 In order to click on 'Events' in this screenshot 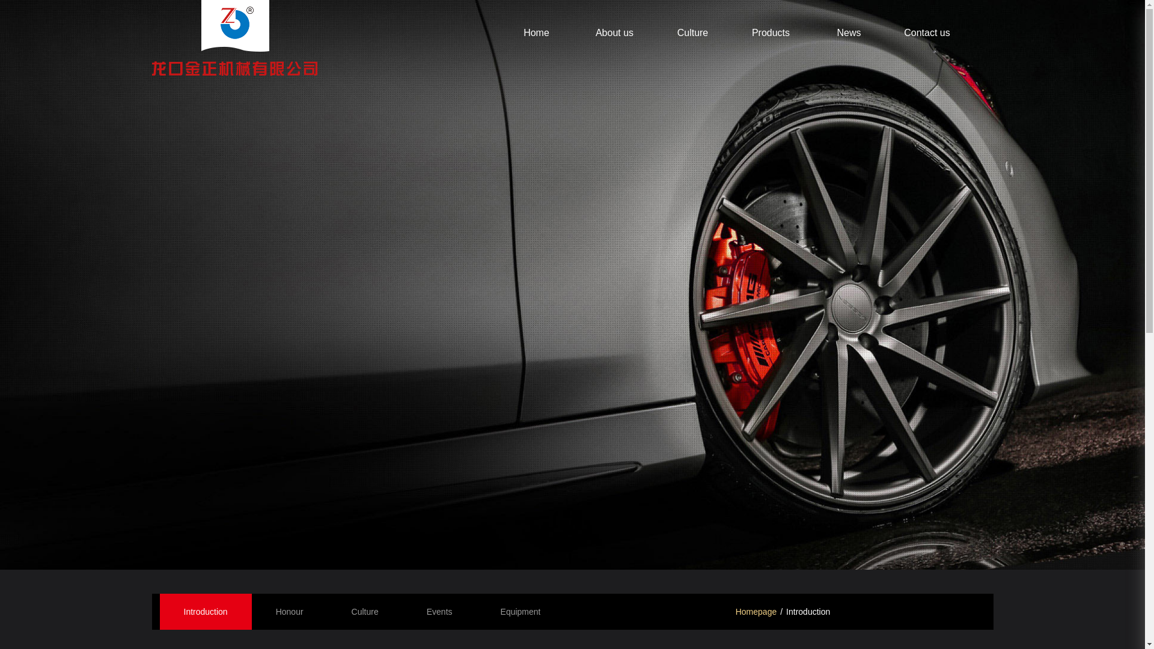, I will do `click(439, 612)`.